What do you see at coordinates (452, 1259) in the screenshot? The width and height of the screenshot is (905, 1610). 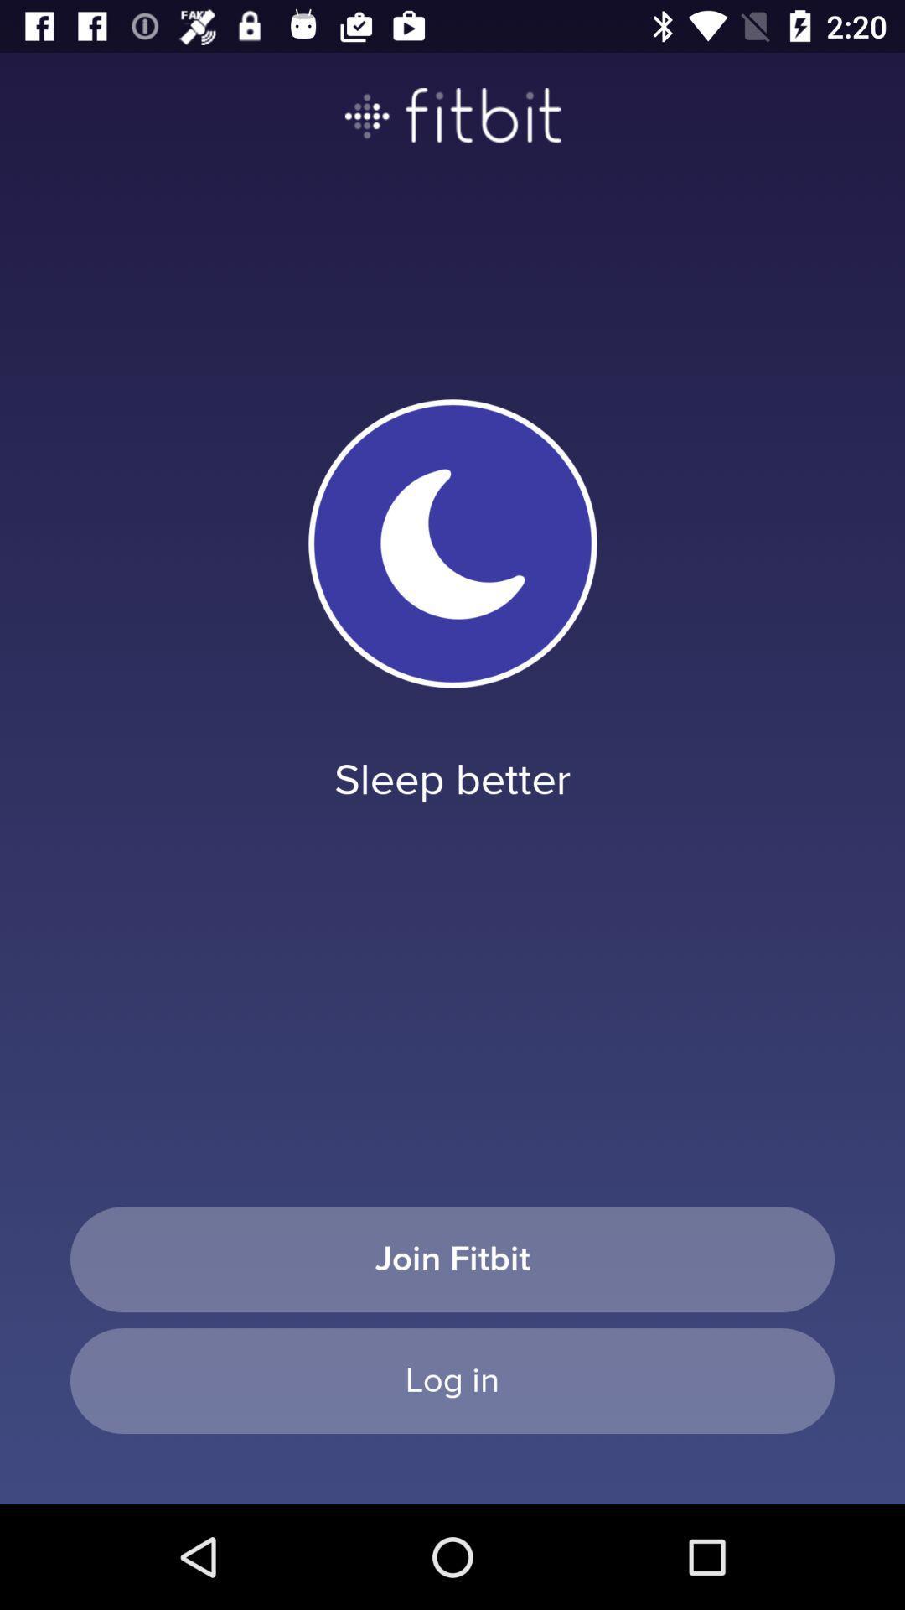 I see `the join fitbit item` at bounding box center [452, 1259].